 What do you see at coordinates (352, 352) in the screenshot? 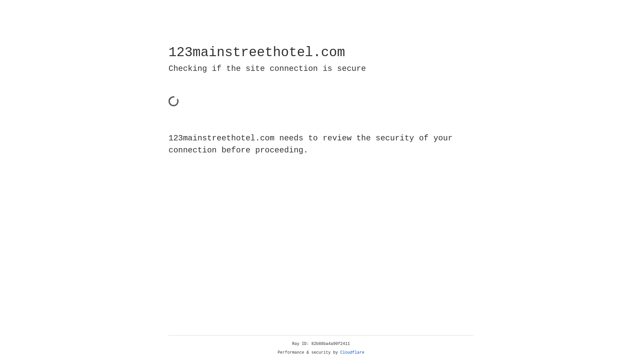
I see `'Cloudflare'` at bounding box center [352, 352].